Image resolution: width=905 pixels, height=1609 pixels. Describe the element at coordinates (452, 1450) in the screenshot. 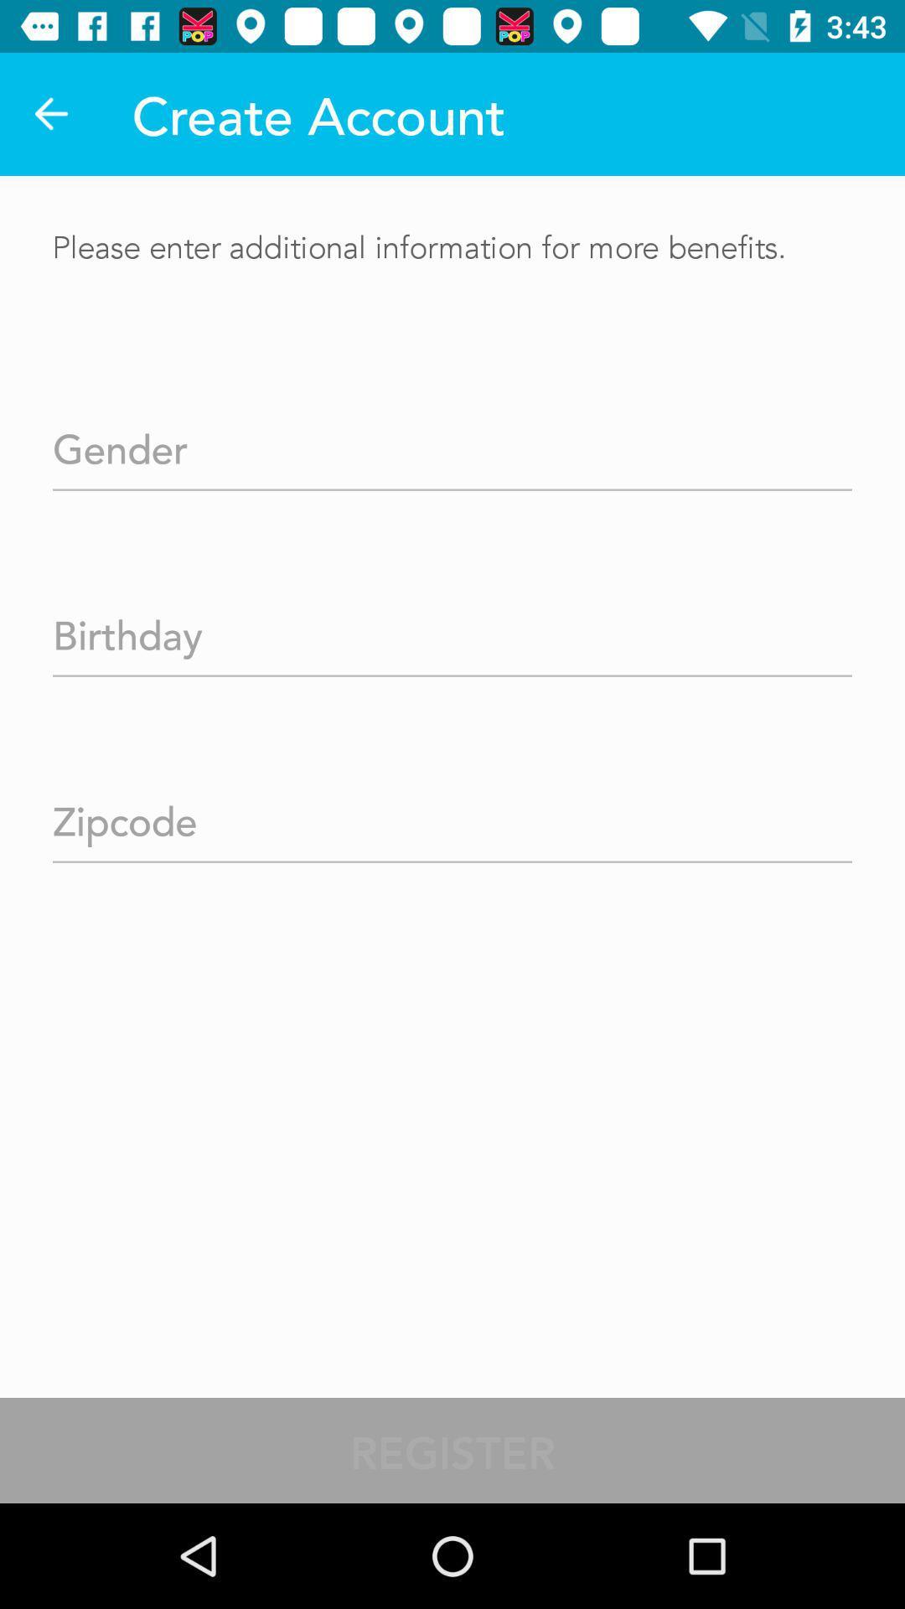

I see `the register item` at that location.